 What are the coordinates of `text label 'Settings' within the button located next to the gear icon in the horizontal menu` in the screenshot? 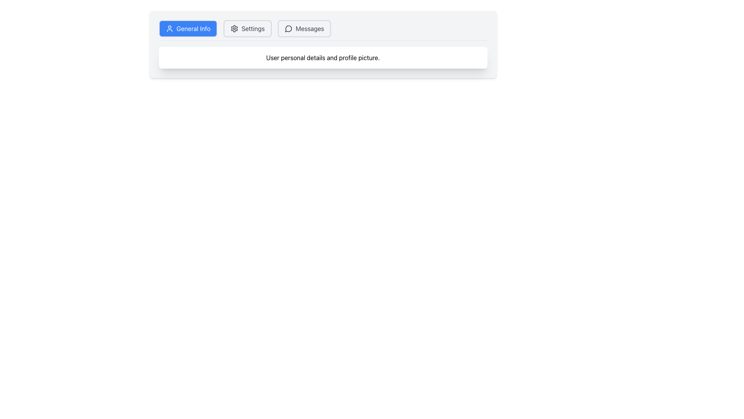 It's located at (253, 28).